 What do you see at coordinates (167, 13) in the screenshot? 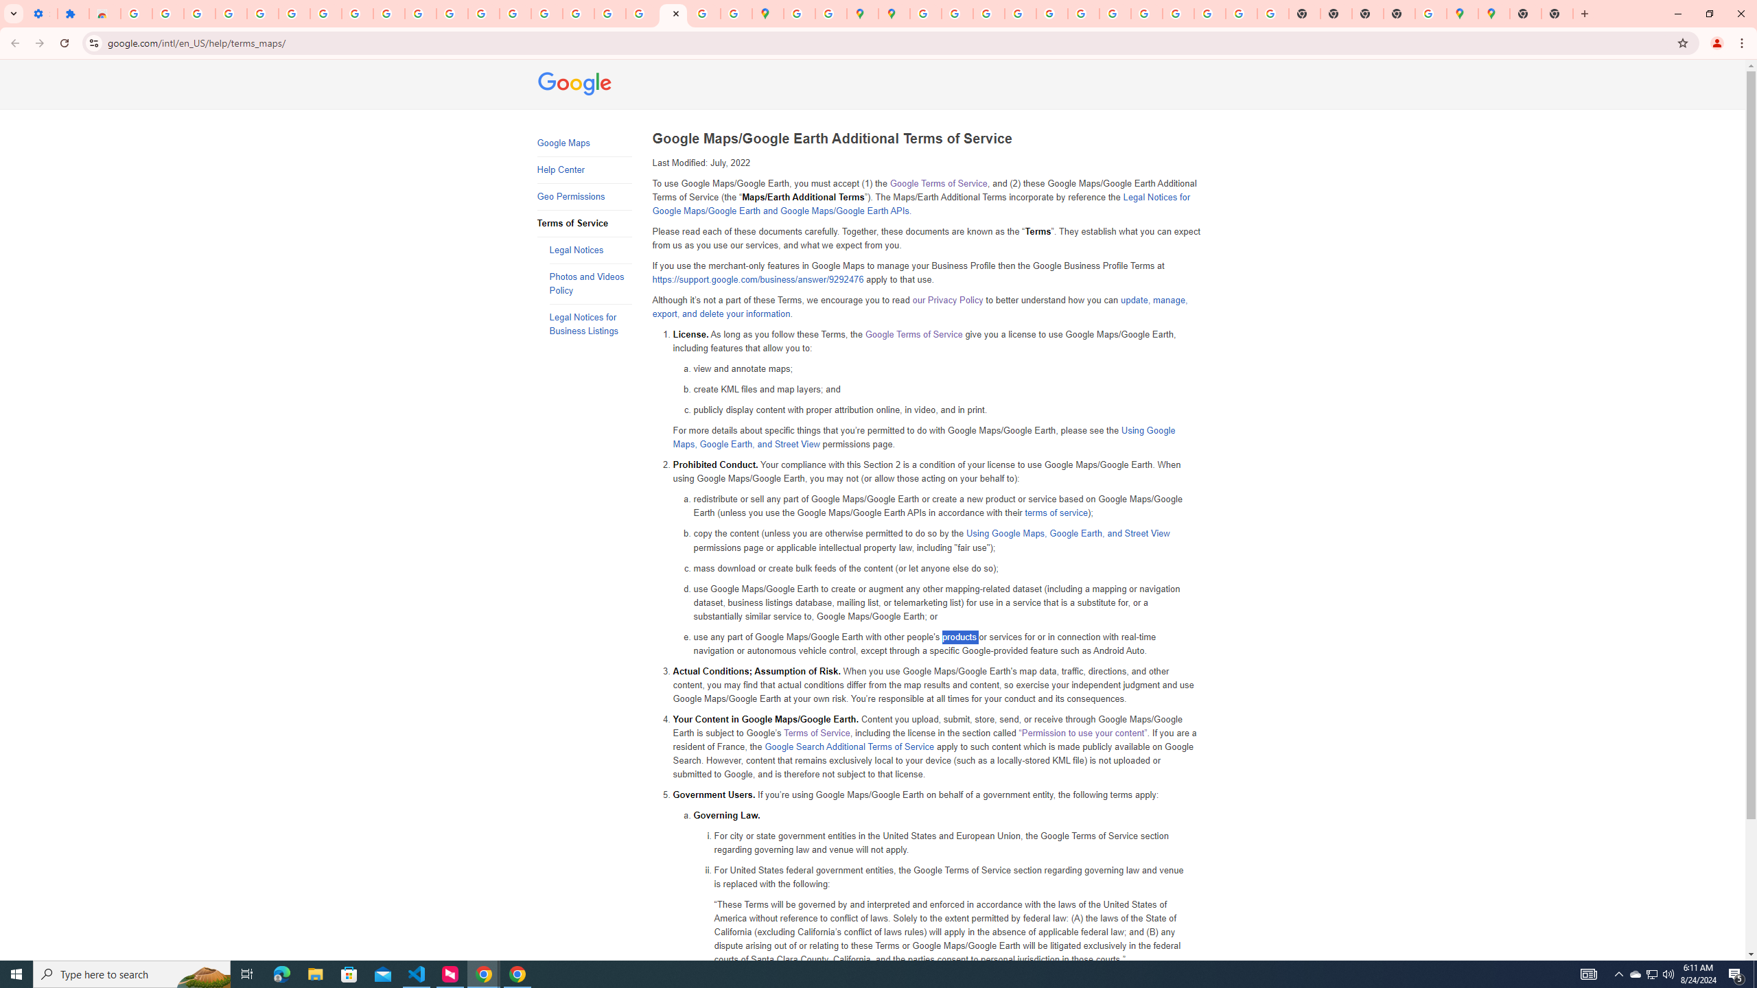
I see `'Delete photos & videos - Computer - Google Photos Help'` at bounding box center [167, 13].